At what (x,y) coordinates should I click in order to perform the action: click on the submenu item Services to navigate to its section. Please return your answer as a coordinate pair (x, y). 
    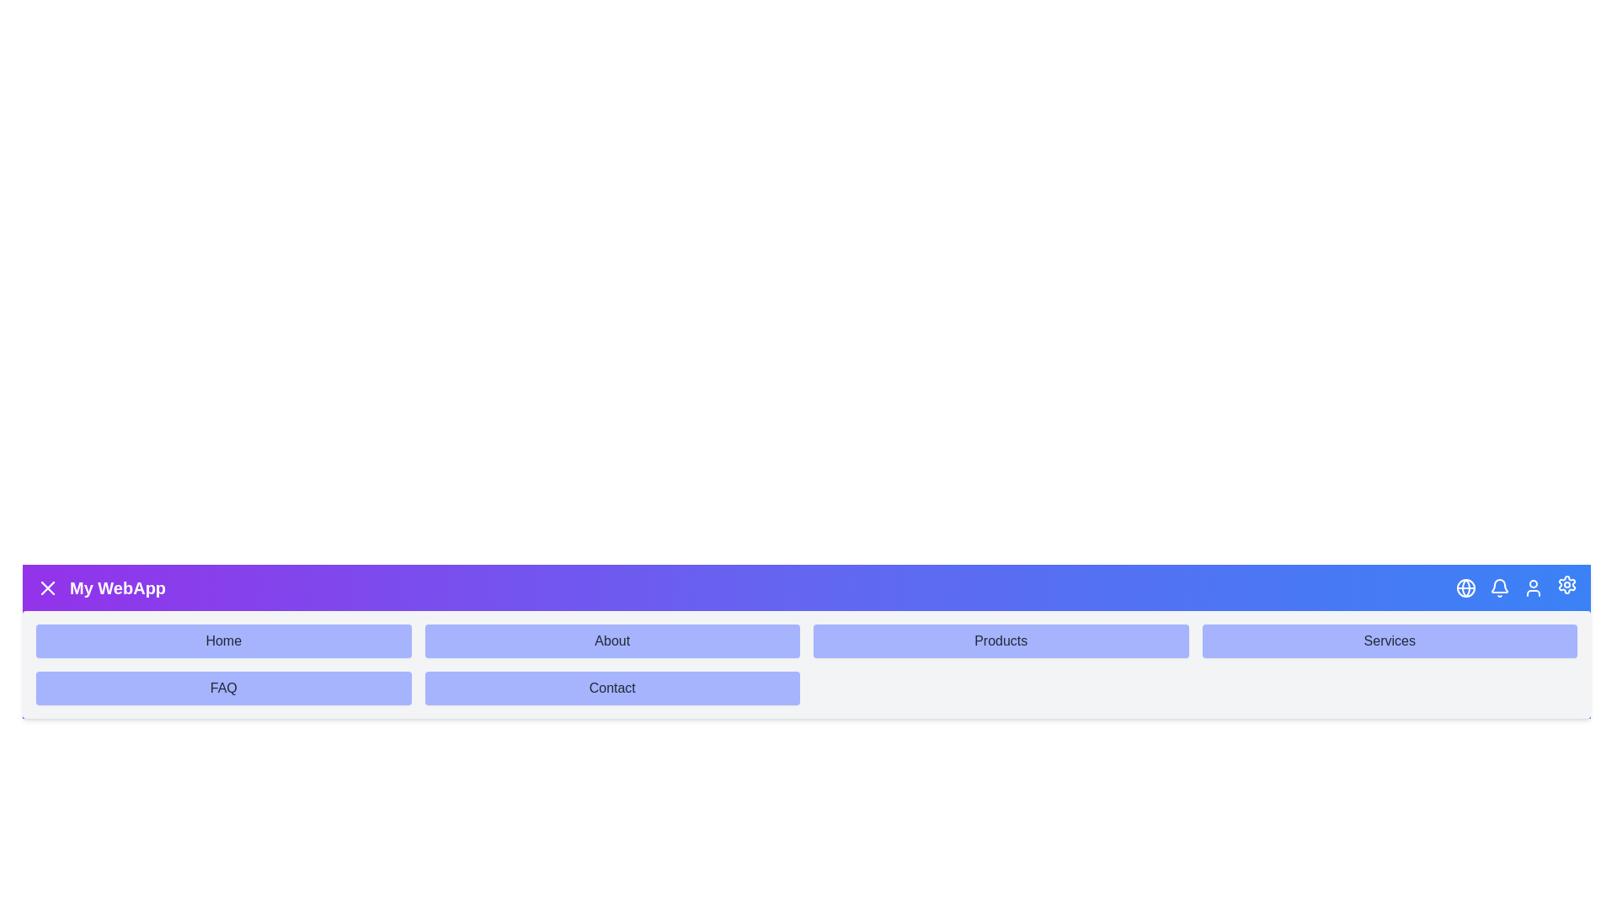
    Looking at the image, I should click on (1390, 641).